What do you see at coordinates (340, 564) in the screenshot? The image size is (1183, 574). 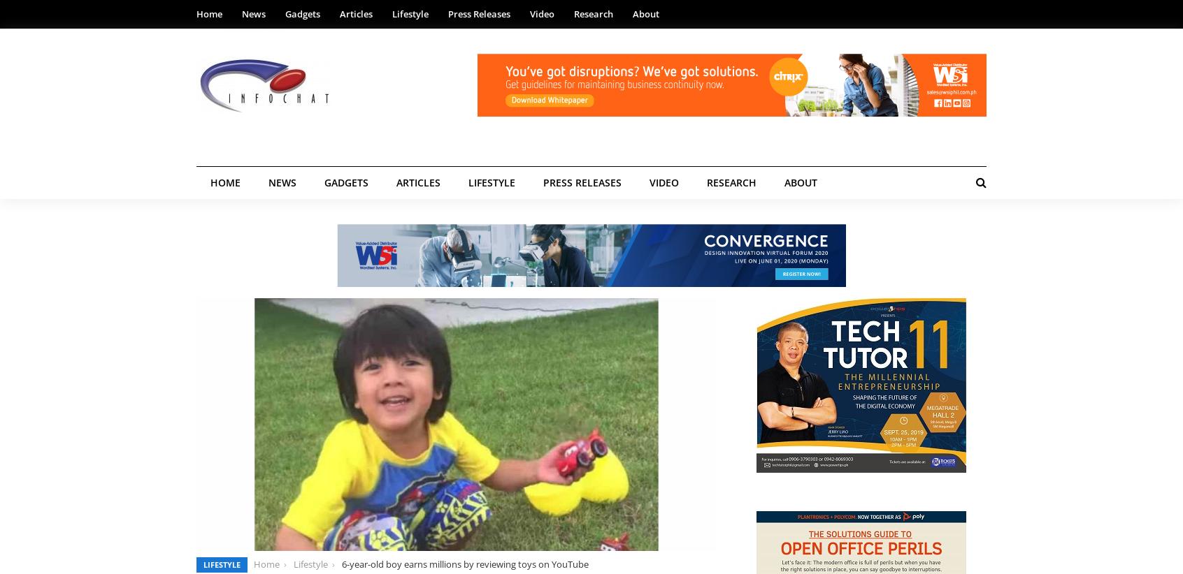 I see `'6-year-old boy earns millions by reviewing toys on YouTube'` at bounding box center [340, 564].